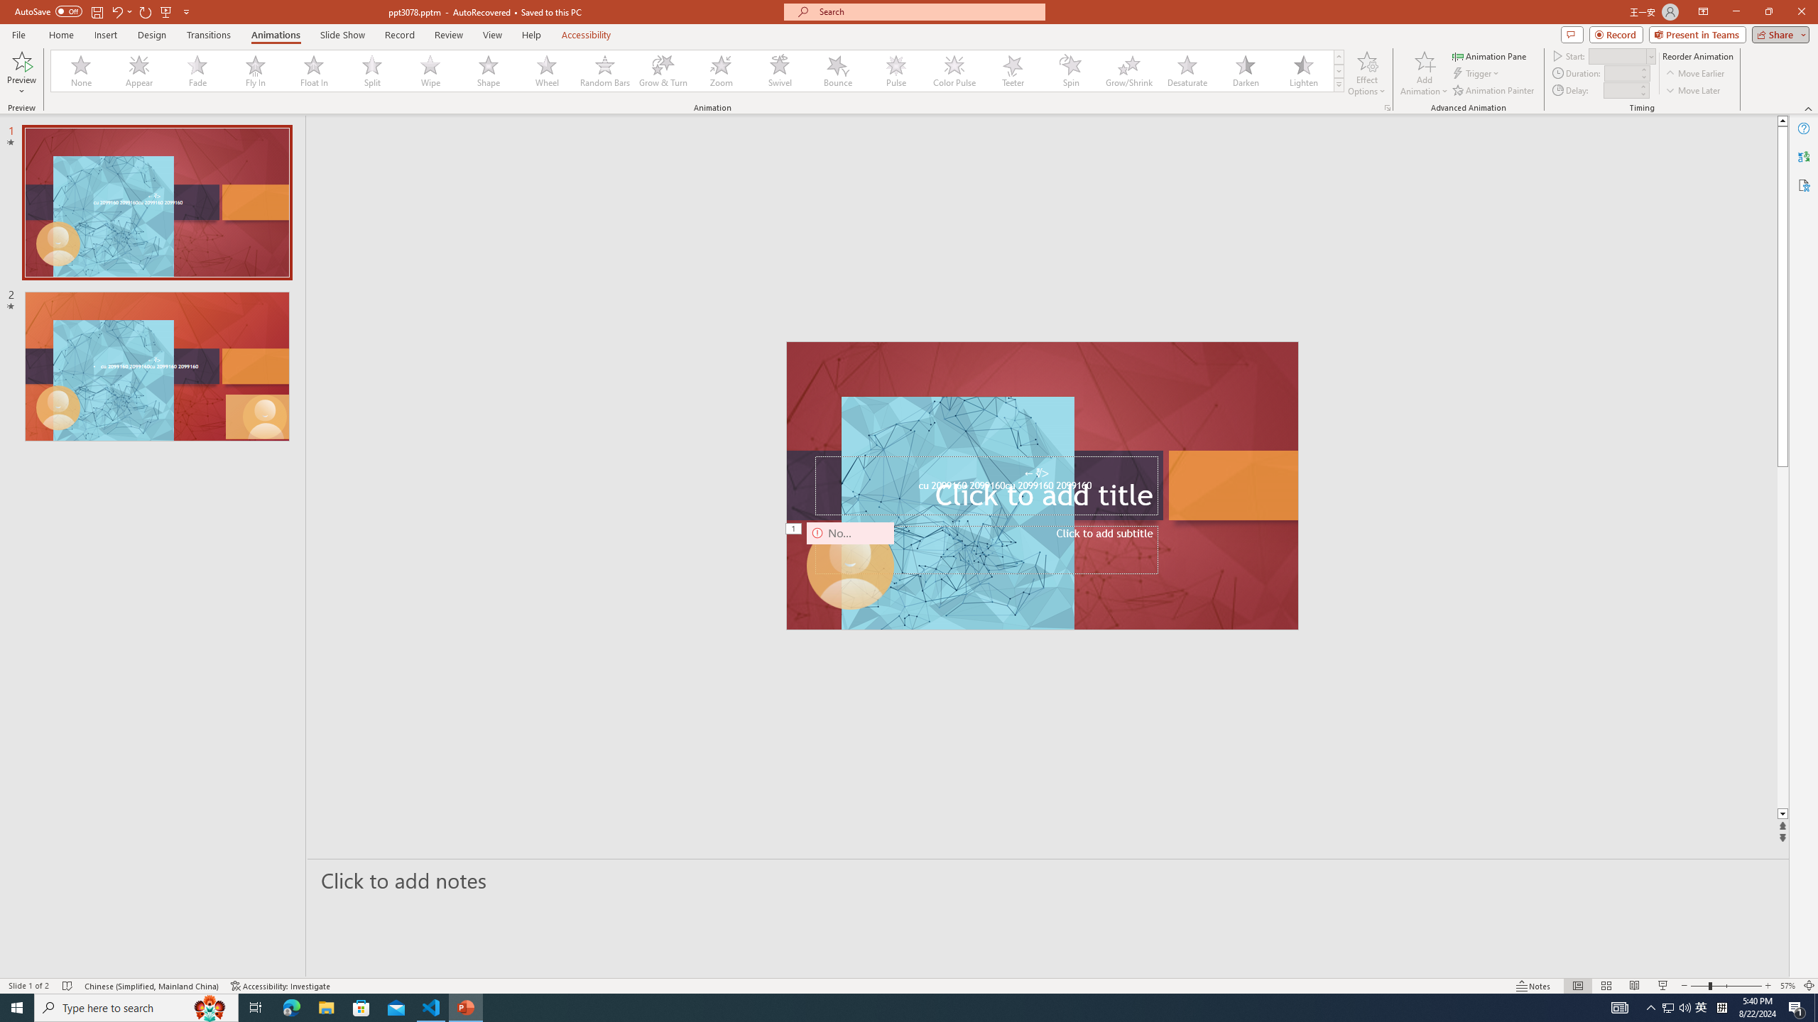 The height and width of the screenshot is (1022, 1818). I want to click on 'Wipe', so click(430, 70).